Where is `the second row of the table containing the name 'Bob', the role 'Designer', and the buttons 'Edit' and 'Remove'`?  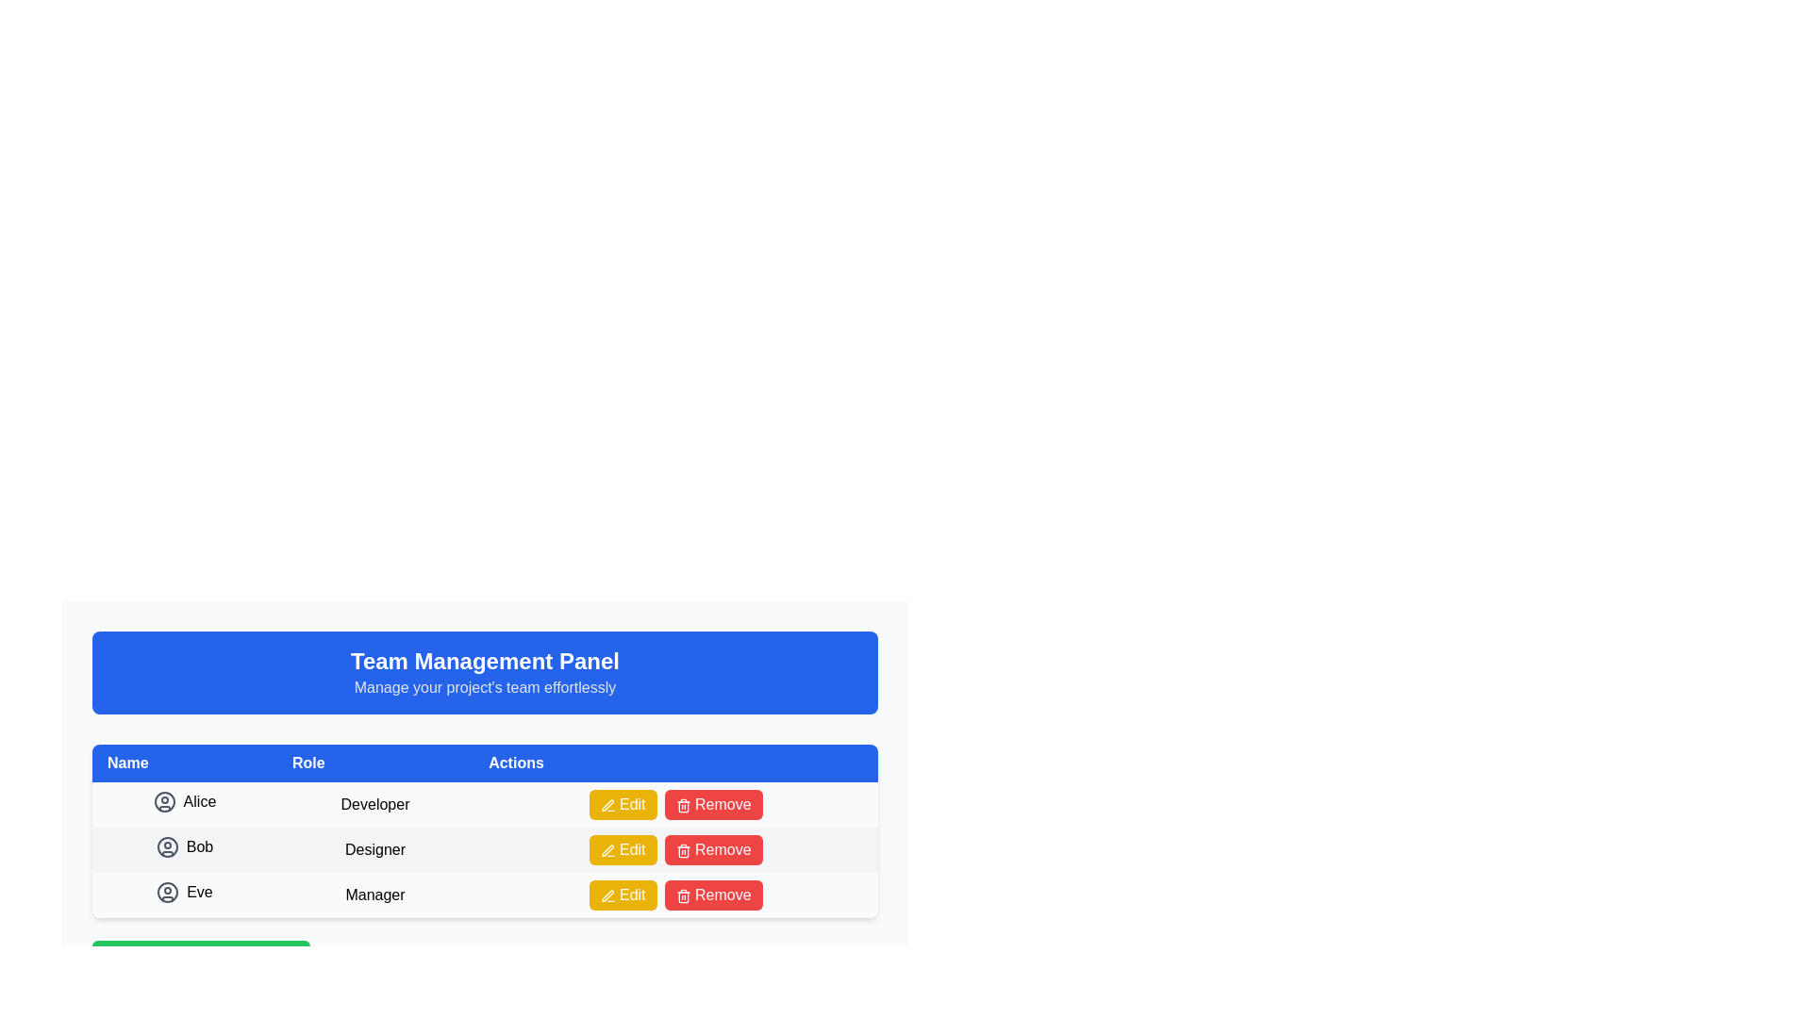 the second row of the table containing the name 'Bob', the role 'Designer', and the buttons 'Edit' and 'Remove' is located at coordinates (485, 850).